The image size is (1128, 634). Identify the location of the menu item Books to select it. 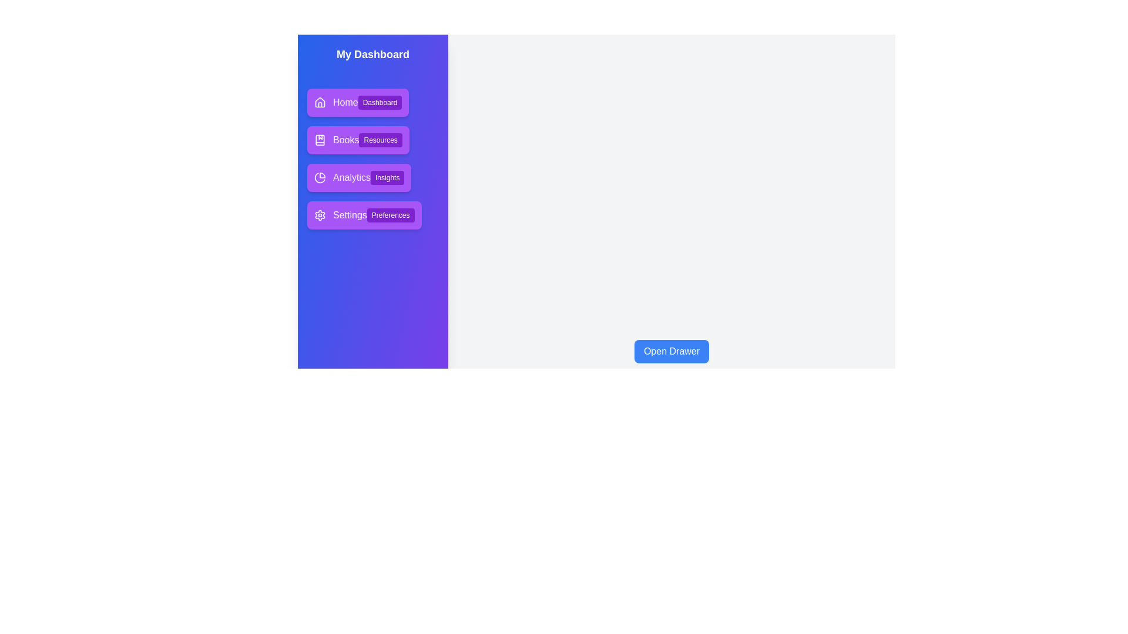
(357, 140).